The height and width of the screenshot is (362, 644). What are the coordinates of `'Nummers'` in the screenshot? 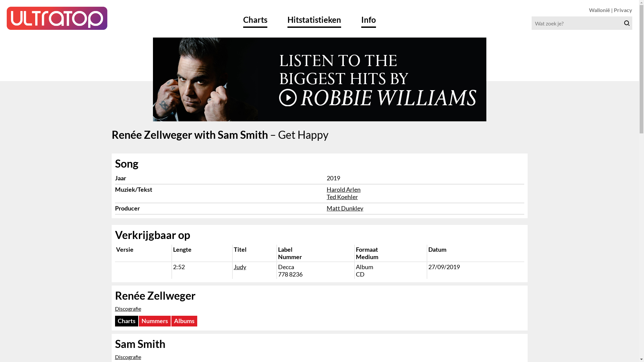 It's located at (154, 320).